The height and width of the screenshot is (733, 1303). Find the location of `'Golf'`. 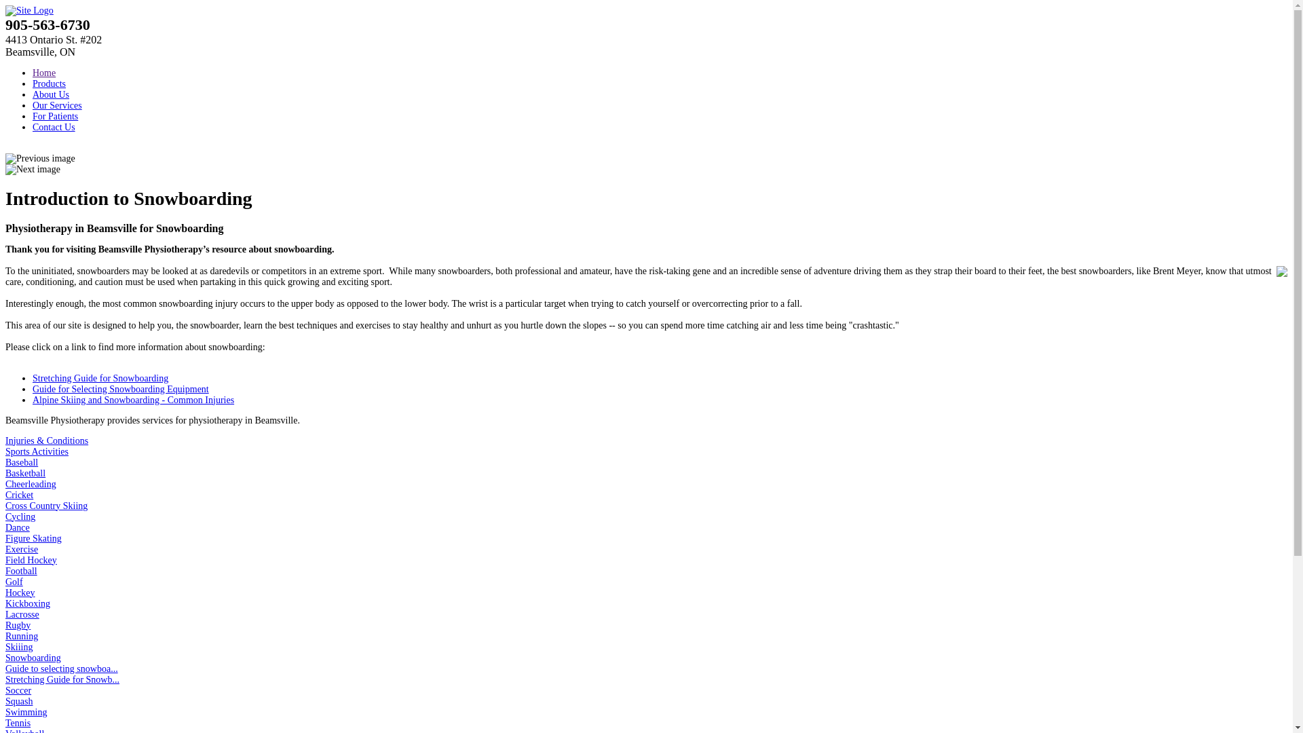

'Golf' is located at coordinates (14, 581).